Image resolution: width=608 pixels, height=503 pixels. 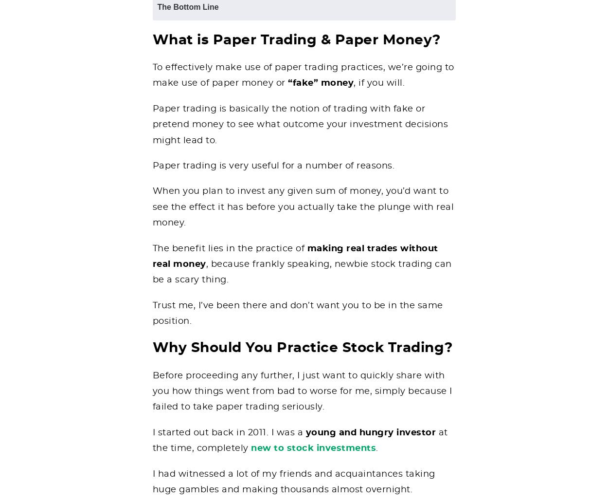 I want to click on 'To effectively make use of paper trading practices, we’re going to make use of paper money or', so click(x=303, y=75).